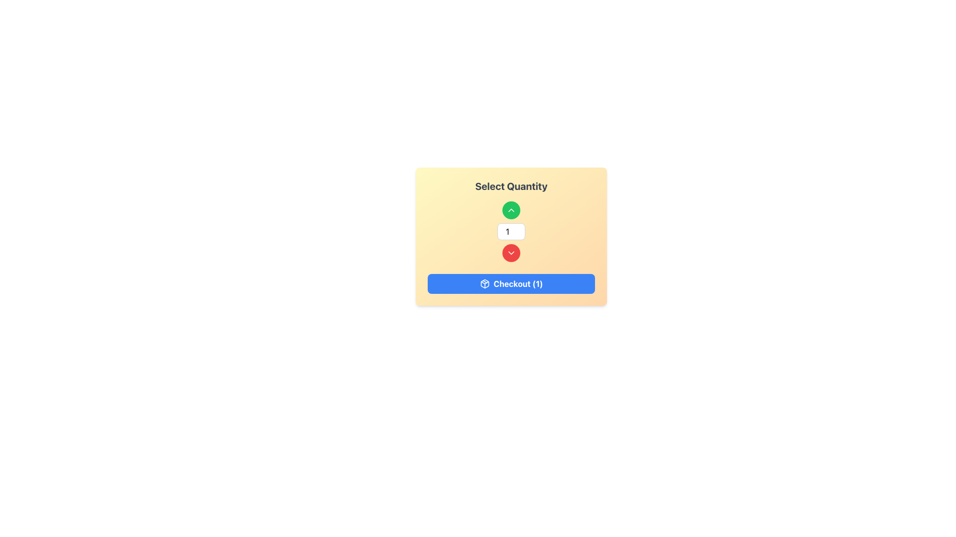 The image size is (956, 537). What do you see at coordinates (511, 232) in the screenshot?
I see `the Number Input Field located below the green circular button with an upwards arrow and above the red circular button with a downwards arrow` at bounding box center [511, 232].